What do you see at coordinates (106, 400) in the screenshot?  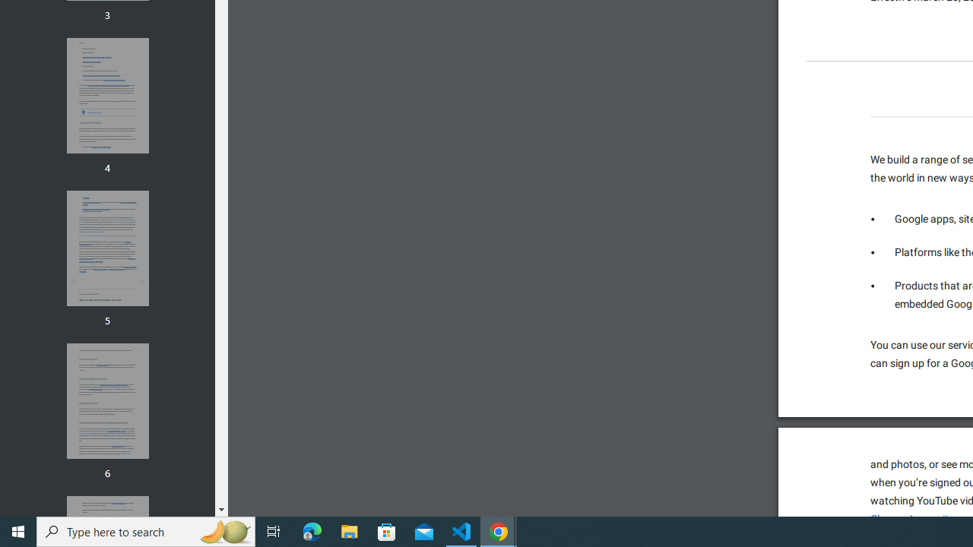 I see `'Thumbnail for page 6'` at bounding box center [106, 400].